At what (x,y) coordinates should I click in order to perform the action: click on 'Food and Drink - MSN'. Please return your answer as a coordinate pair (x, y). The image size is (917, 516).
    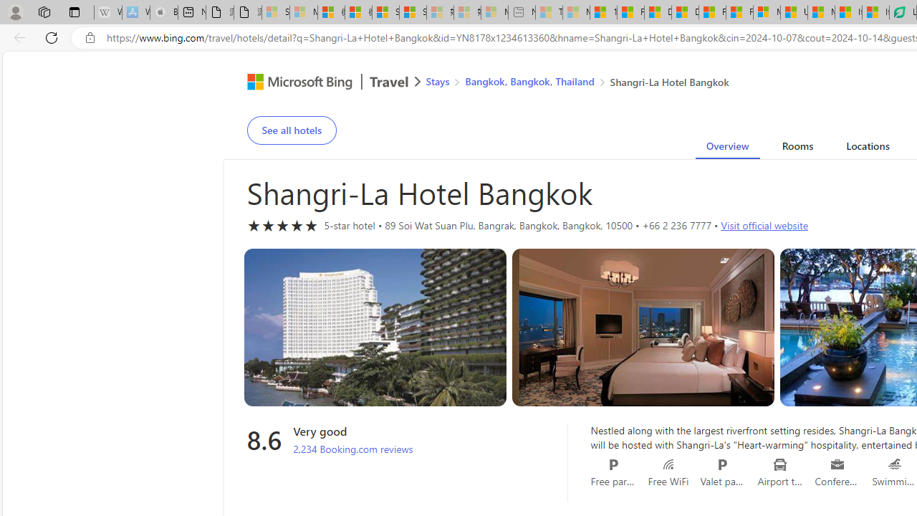
    Looking at the image, I should click on (630, 12).